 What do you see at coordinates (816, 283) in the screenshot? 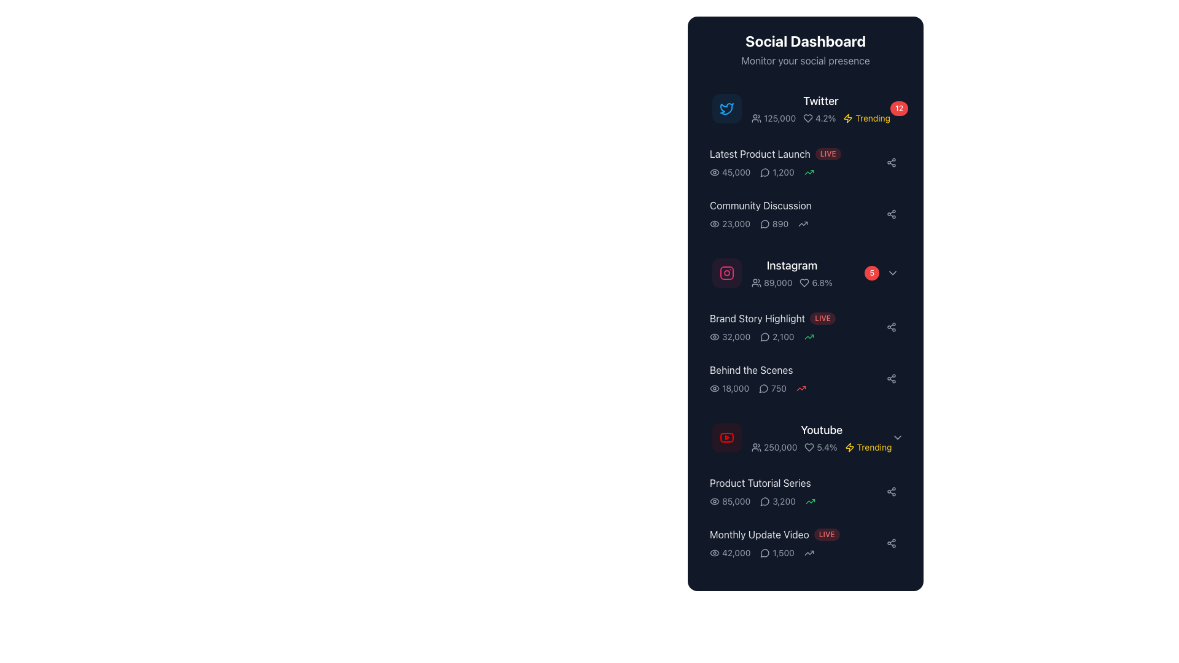
I see `the static text displaying a percentage value related to engagement, located in the 'Instagram' row of the list-like interface, positioned to the right of the text '89,000'` at bounding box center [816, 283].